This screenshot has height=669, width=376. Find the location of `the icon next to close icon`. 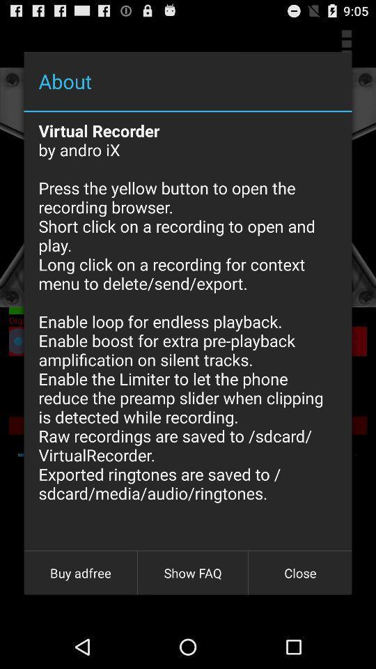

the icon next to close icon is located at coordinates (192, 573).